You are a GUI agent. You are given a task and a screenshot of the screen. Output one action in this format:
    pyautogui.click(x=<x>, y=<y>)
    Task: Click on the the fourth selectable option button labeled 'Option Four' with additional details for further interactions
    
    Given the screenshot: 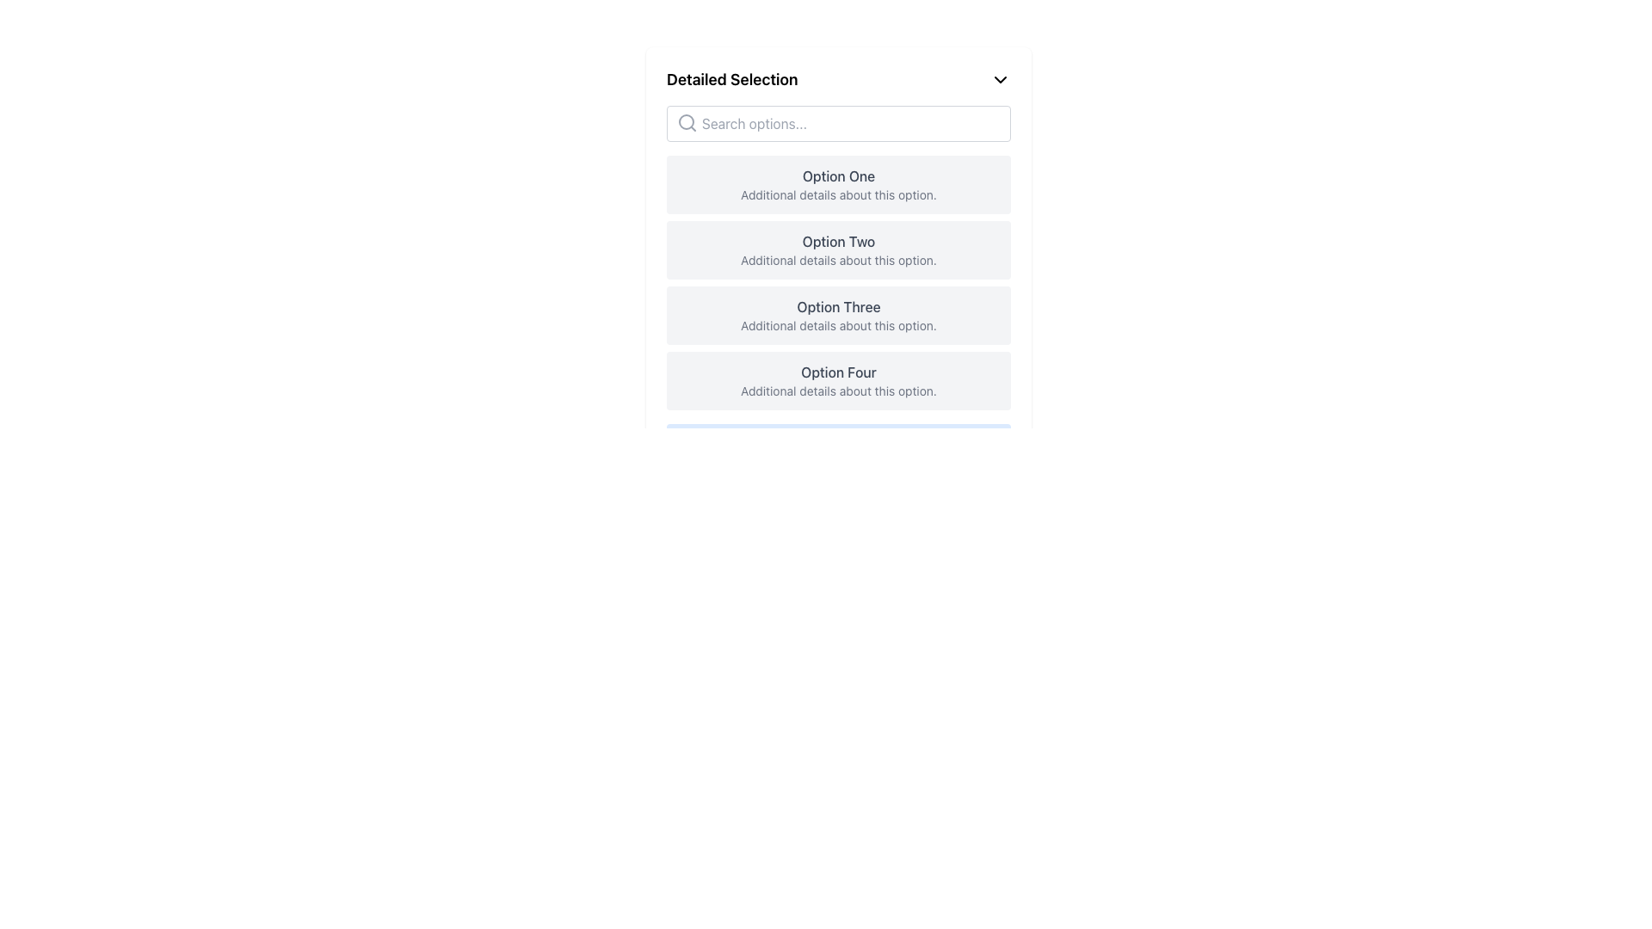 What is the action you would take?
    pyautogui.click(x=838, y=380)
    